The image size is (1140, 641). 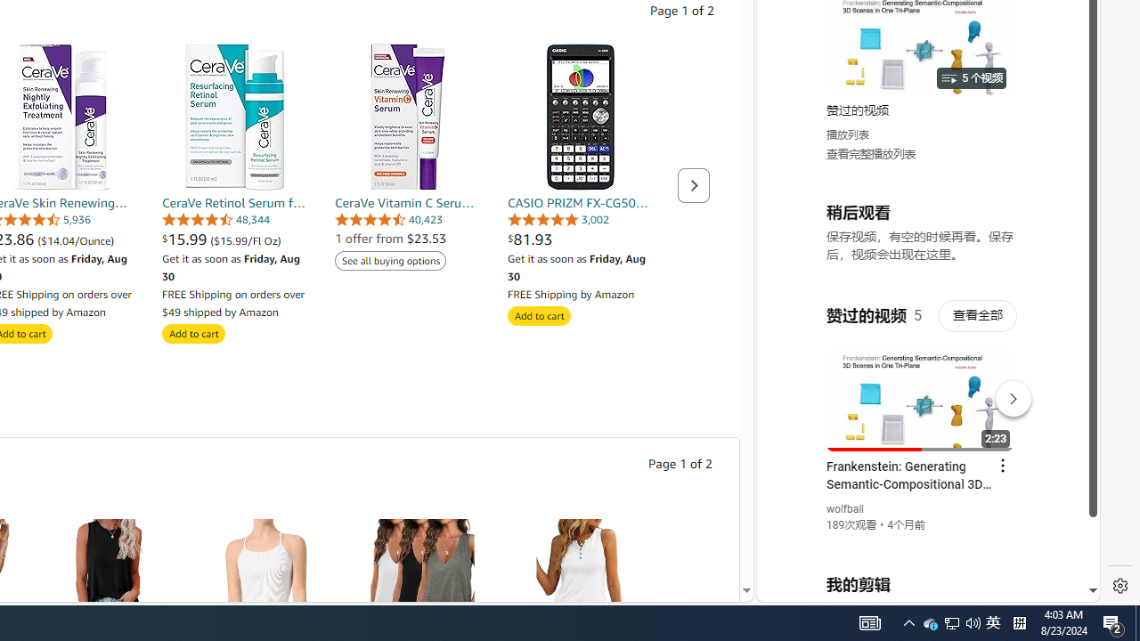 I want to click on 'CASIO PRIZM FX-CG50 Color Graphing Calculator', so click(x=581, y=117).